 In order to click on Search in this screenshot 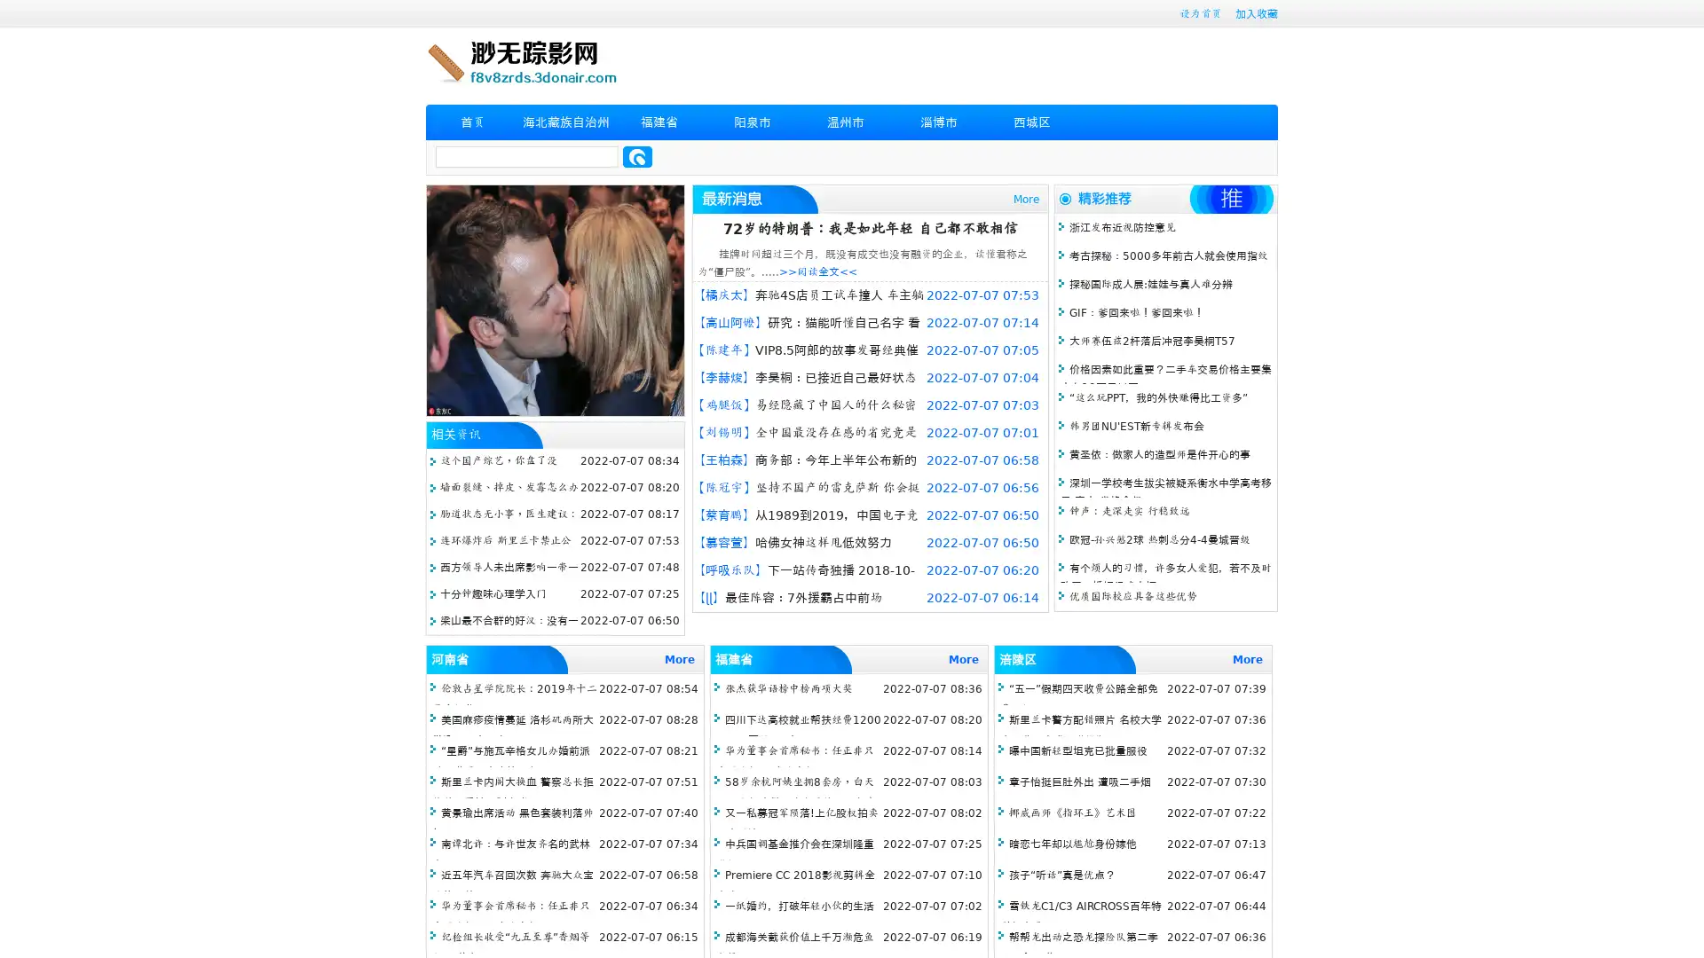, I will do `click(637, 156)`.